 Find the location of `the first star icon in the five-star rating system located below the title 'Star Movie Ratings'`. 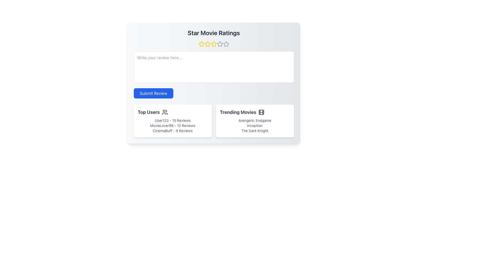

the first star icon in the five-star rating system located below the title 'Star Movie Ratings' is located at coordinates (201, 44).